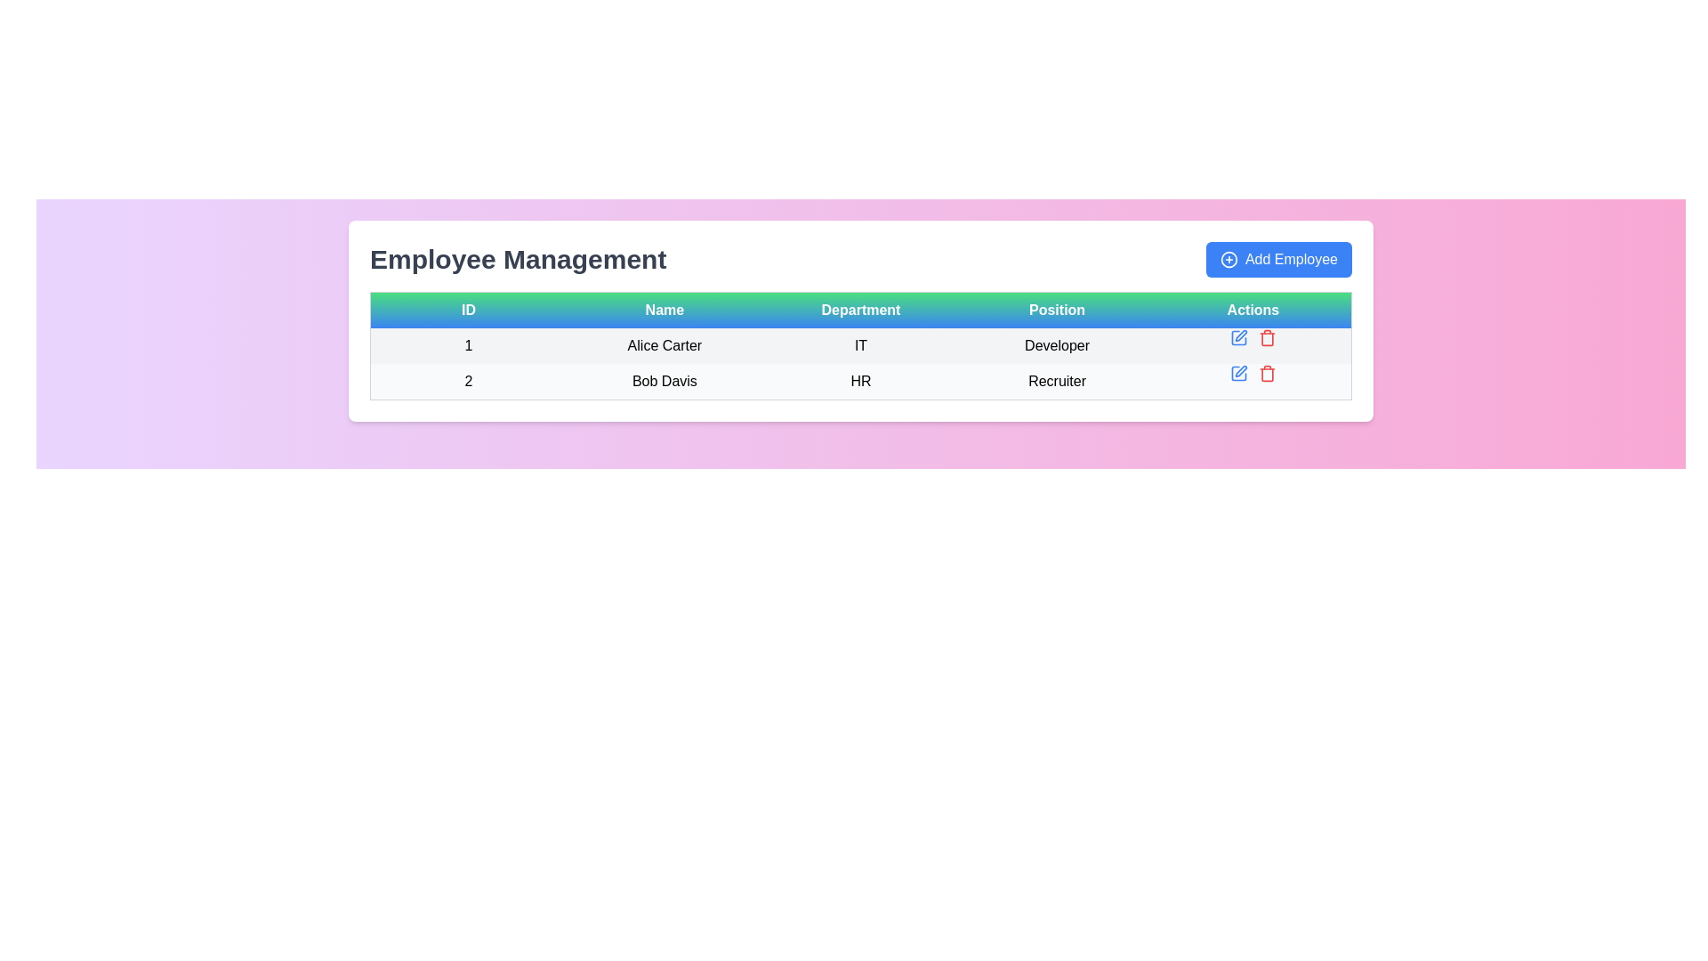 The image size is (1708, 961). What do you see at coordinates (468, 346) in the screenshot?
I see `the first cell of the first row in the table representing the ID for employee 'Alice Carter' to highlight it` at bounding box center [468, 346].